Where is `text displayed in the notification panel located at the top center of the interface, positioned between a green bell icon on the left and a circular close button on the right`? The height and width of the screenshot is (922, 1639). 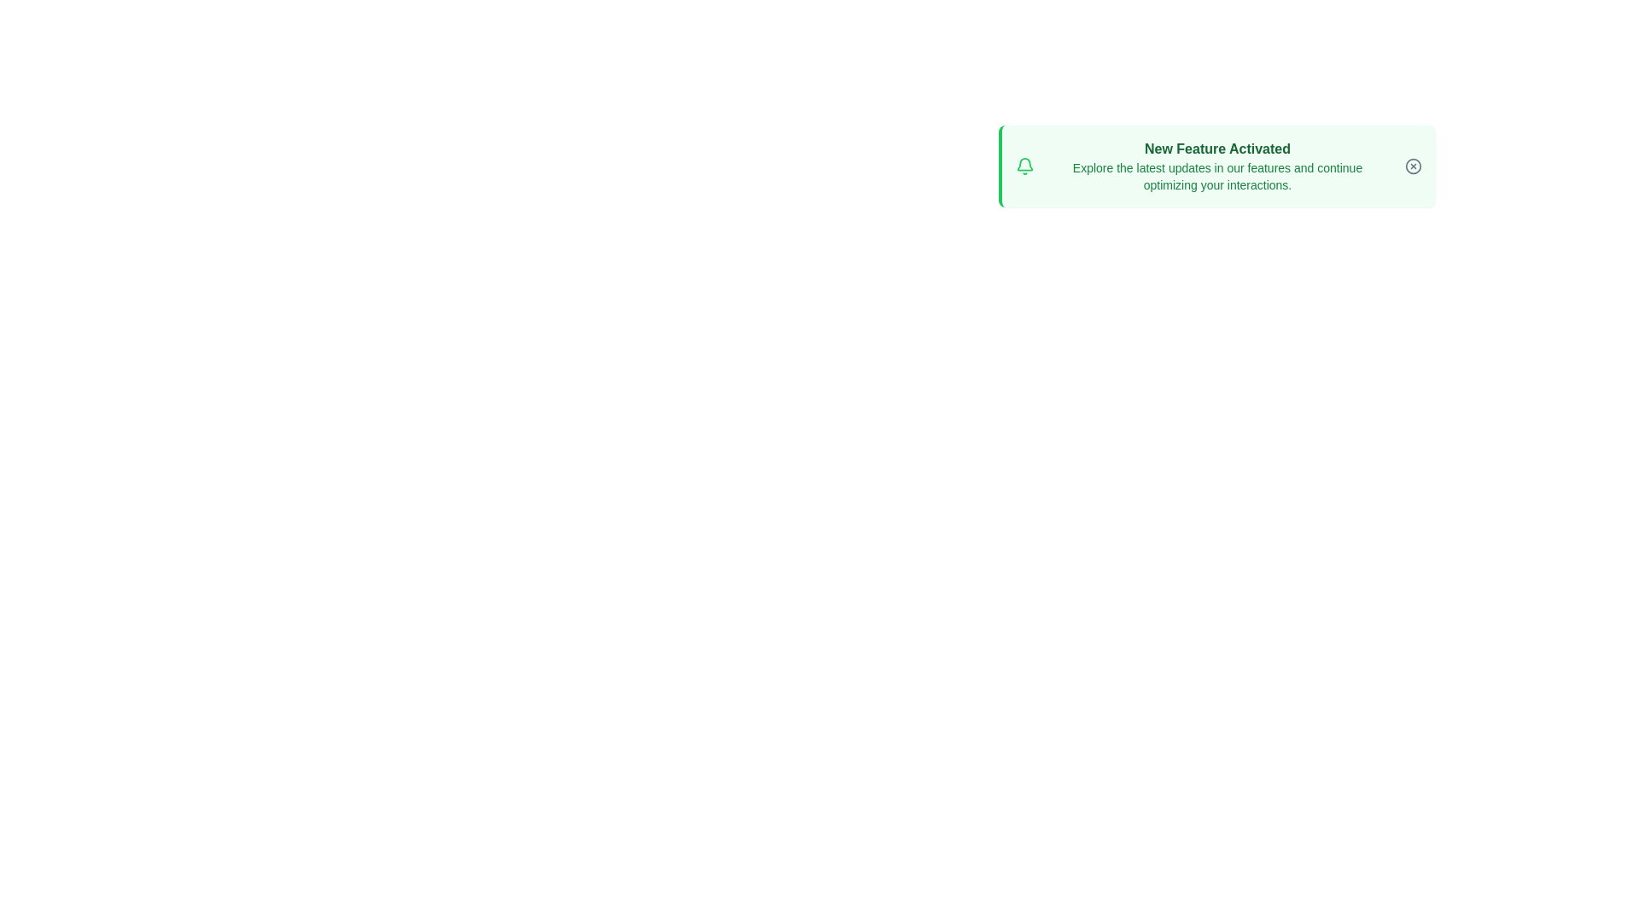
text displayed in the notification panel located at the top center of the interface, positioned between a green bell icon on the left and a circular close button on the right is located at coordinates (1216, 166).